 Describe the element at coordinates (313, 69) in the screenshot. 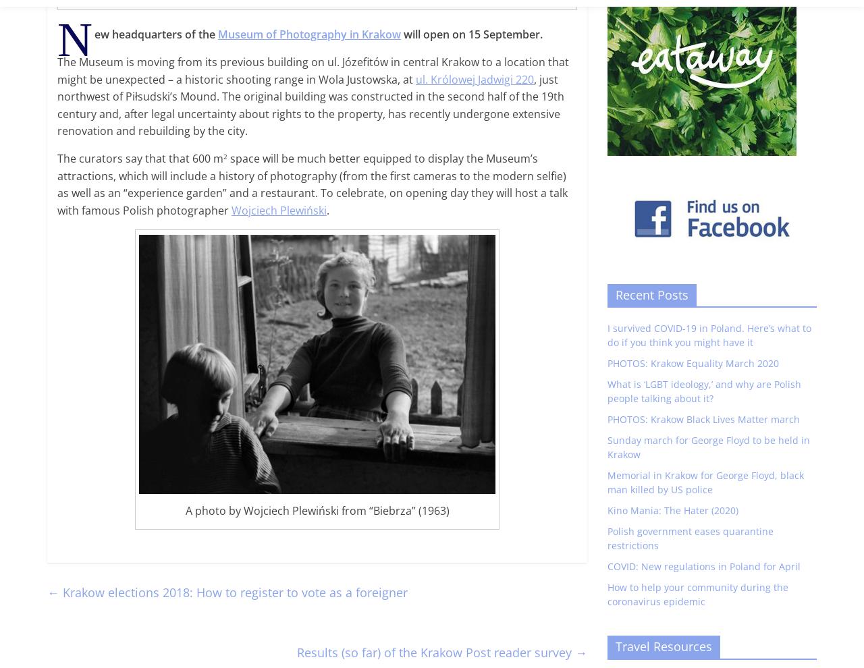

I see `'The Museum is moving from its previous building on ul. Józefitów in central Krakow to a location that might be unexpected – a historic shooting range in Wola Justowska, at'` at that location.